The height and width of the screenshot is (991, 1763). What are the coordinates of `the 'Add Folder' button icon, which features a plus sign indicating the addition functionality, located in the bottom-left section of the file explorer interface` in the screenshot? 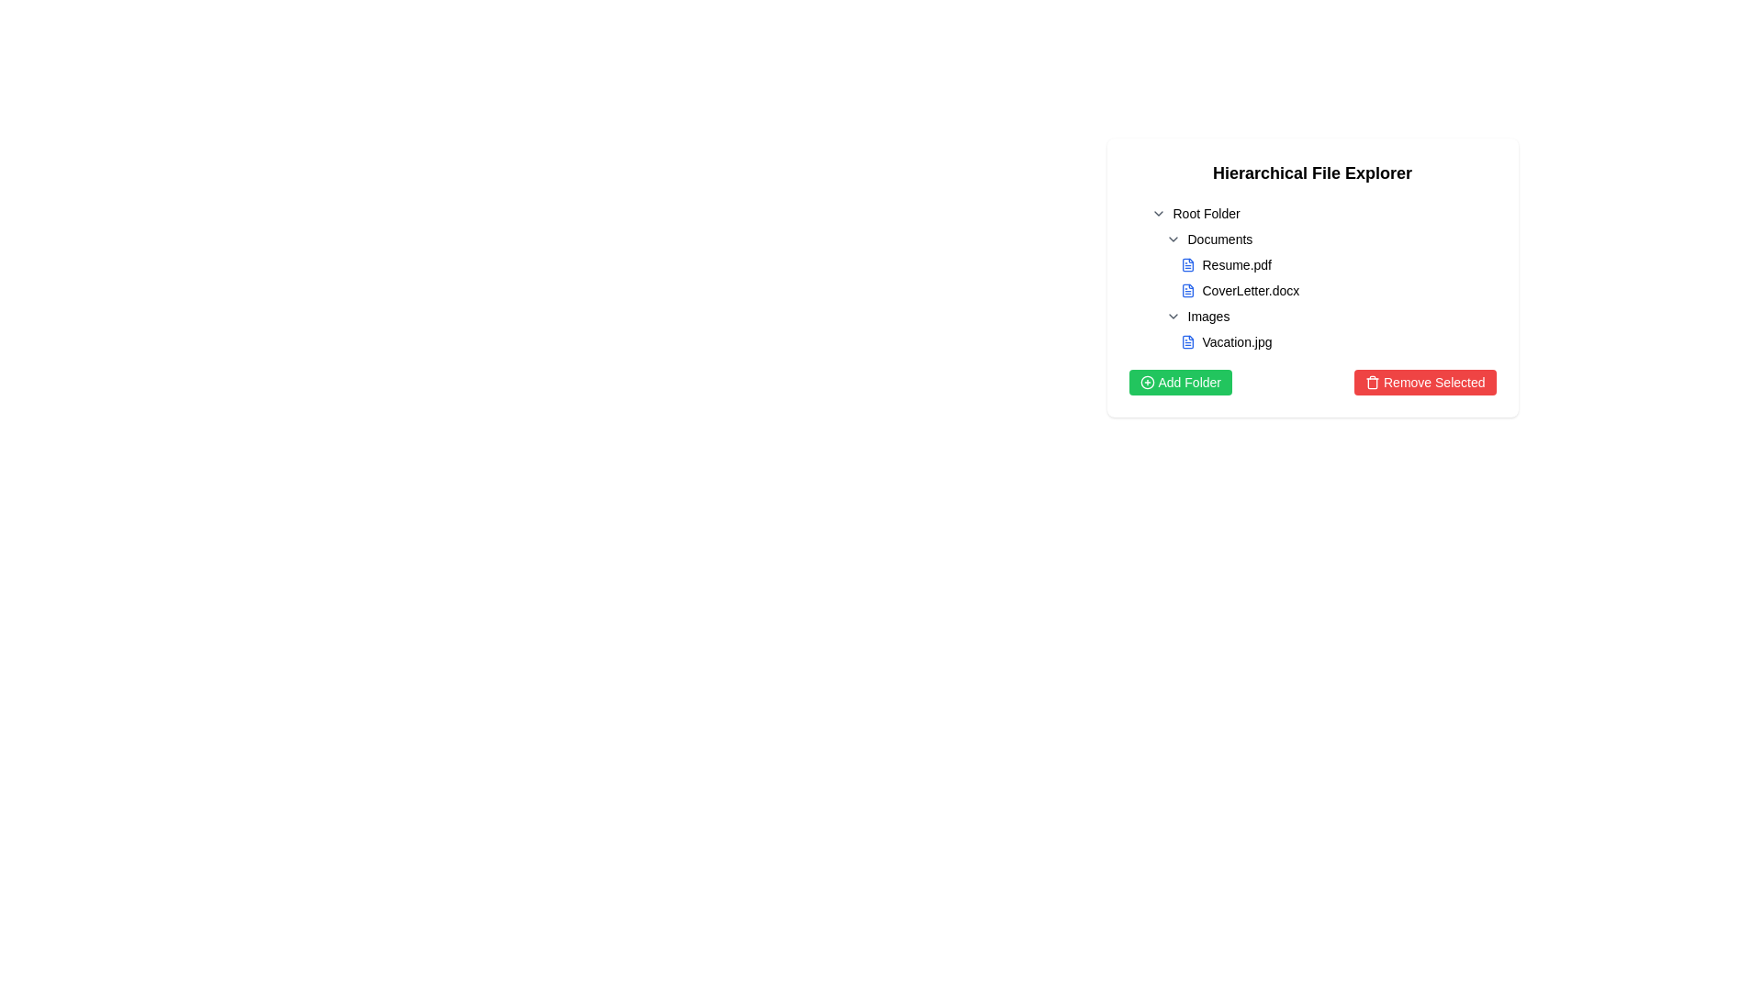 It's located at (1146, 381).